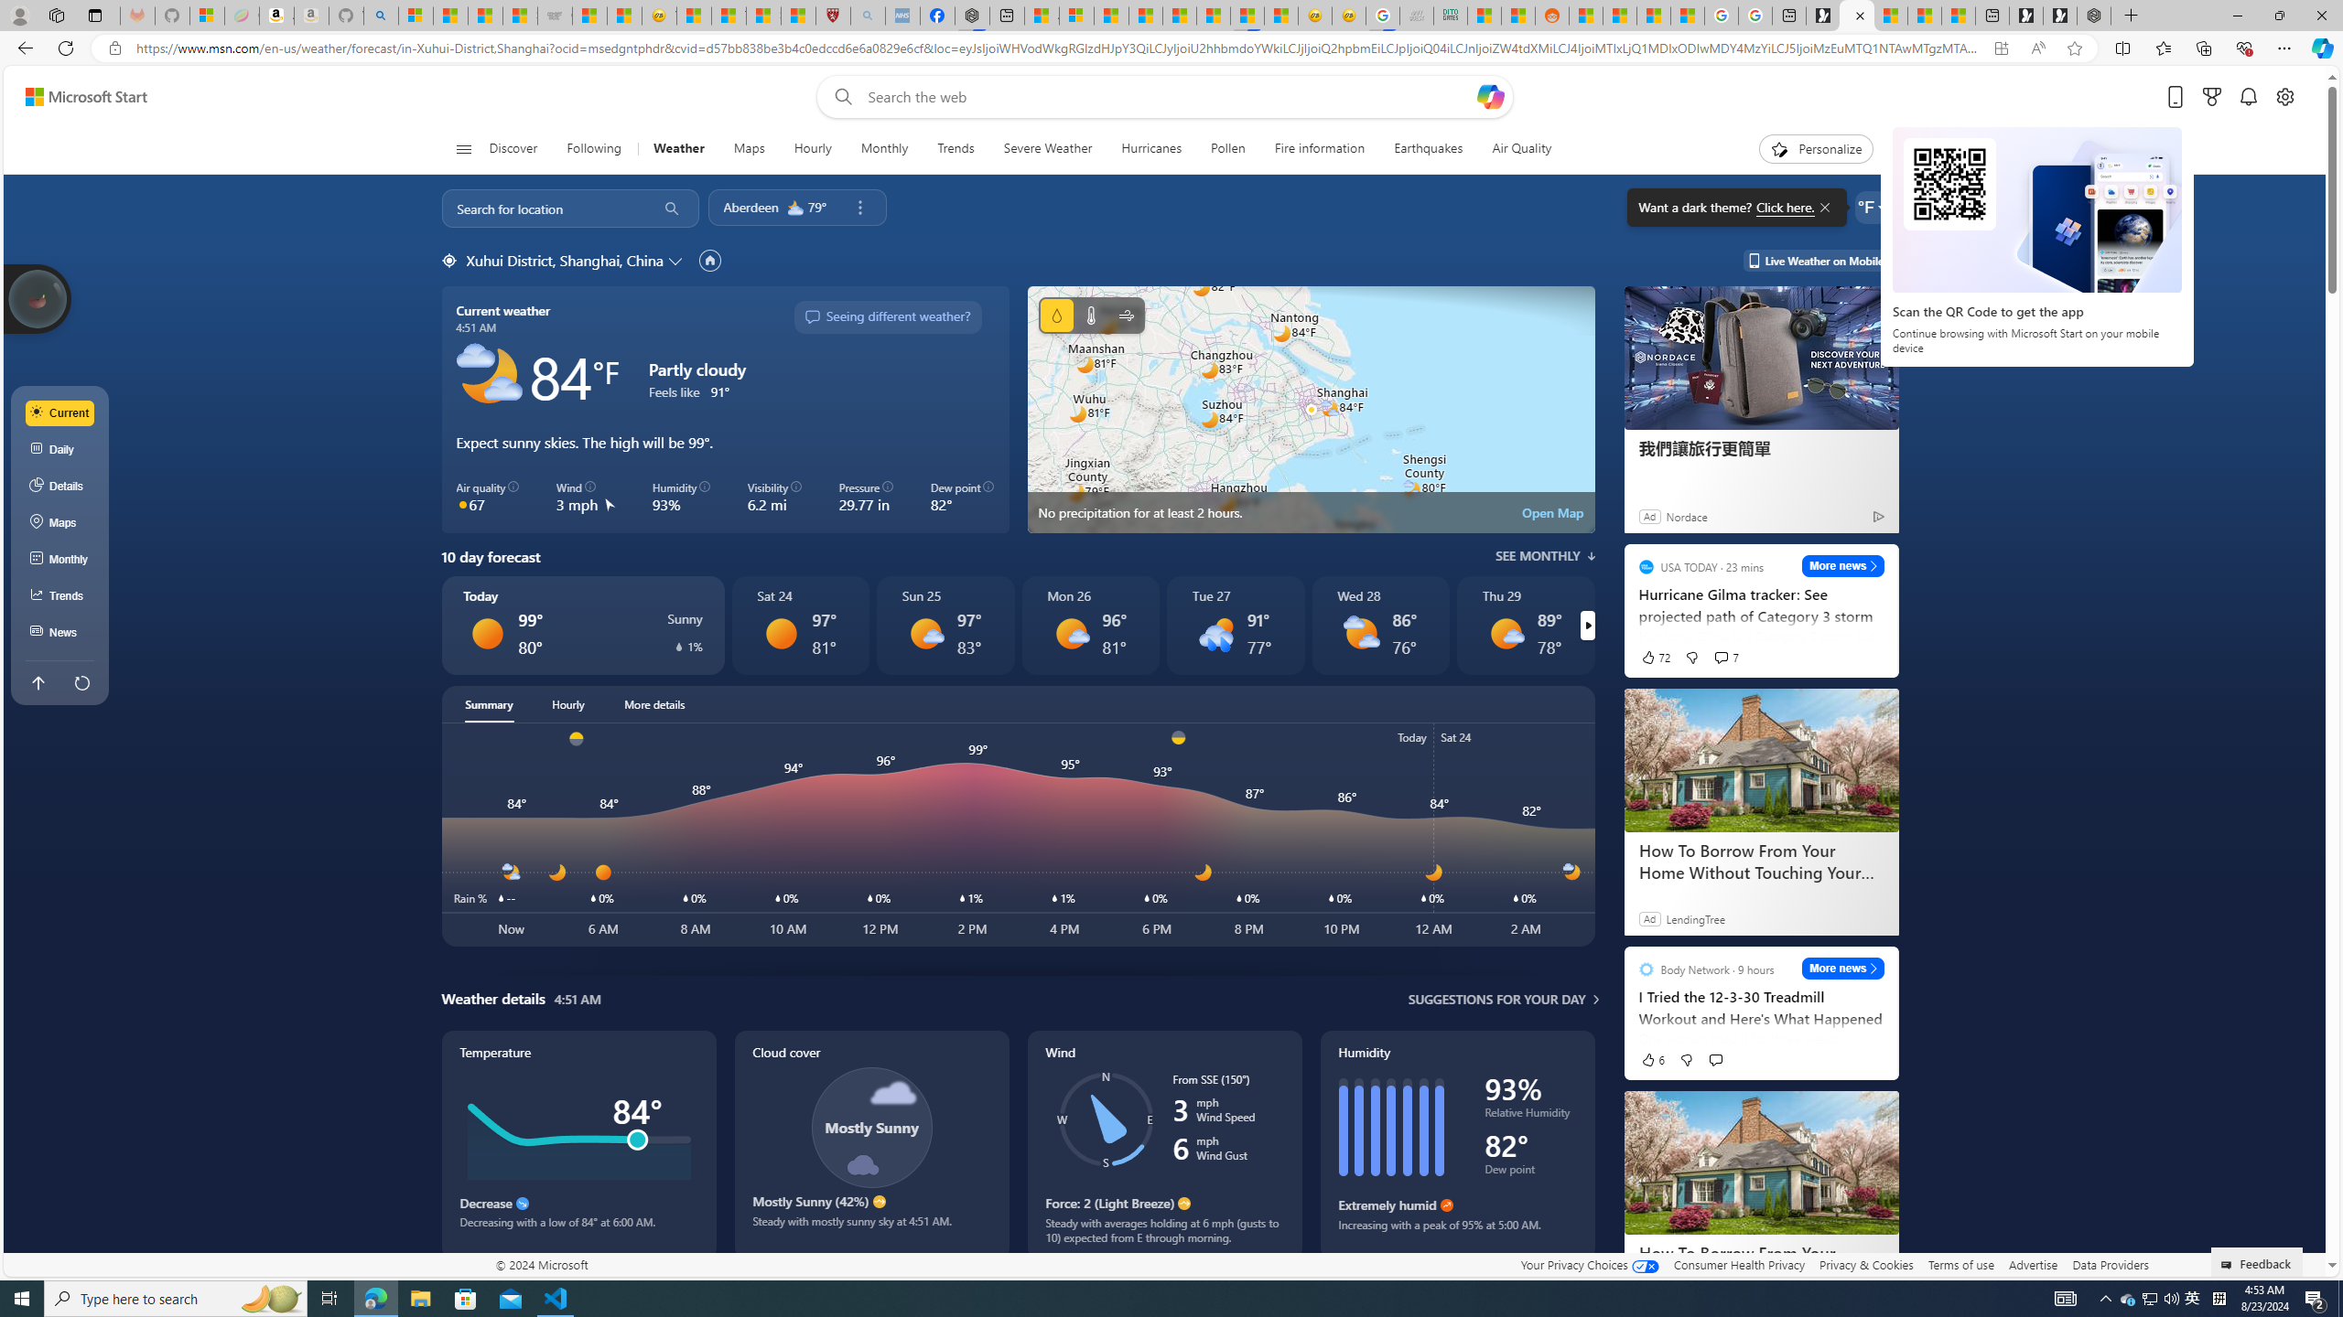 The image size is (2343, 1317). I want to click on 'Cloud cover', so click(870, 1145).